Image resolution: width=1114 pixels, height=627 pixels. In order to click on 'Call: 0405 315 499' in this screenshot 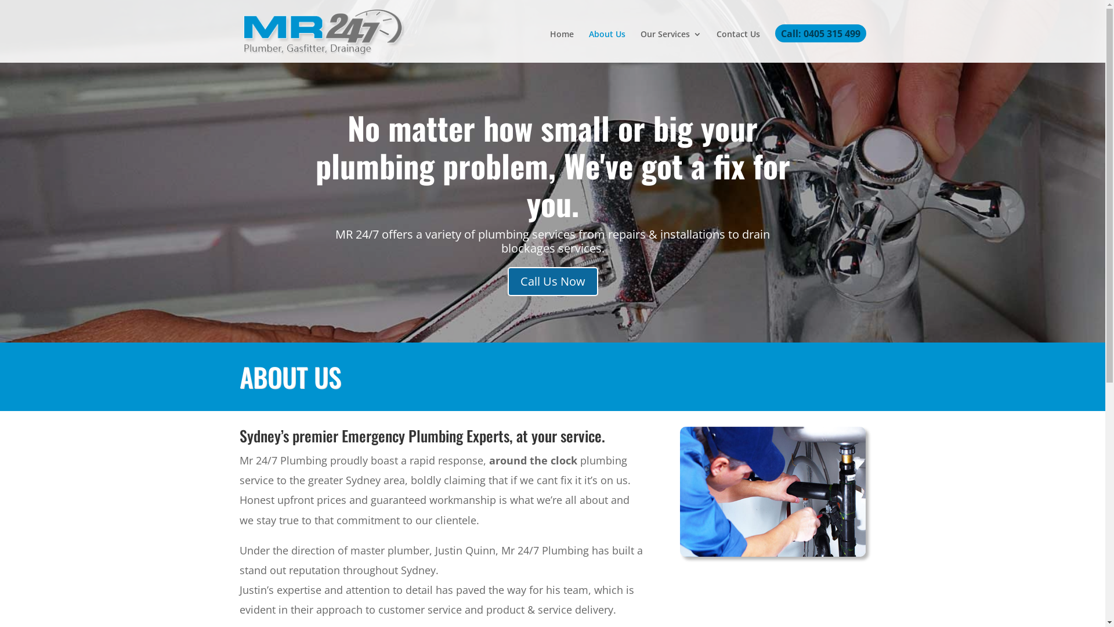, I will do `click(820, 45)`.